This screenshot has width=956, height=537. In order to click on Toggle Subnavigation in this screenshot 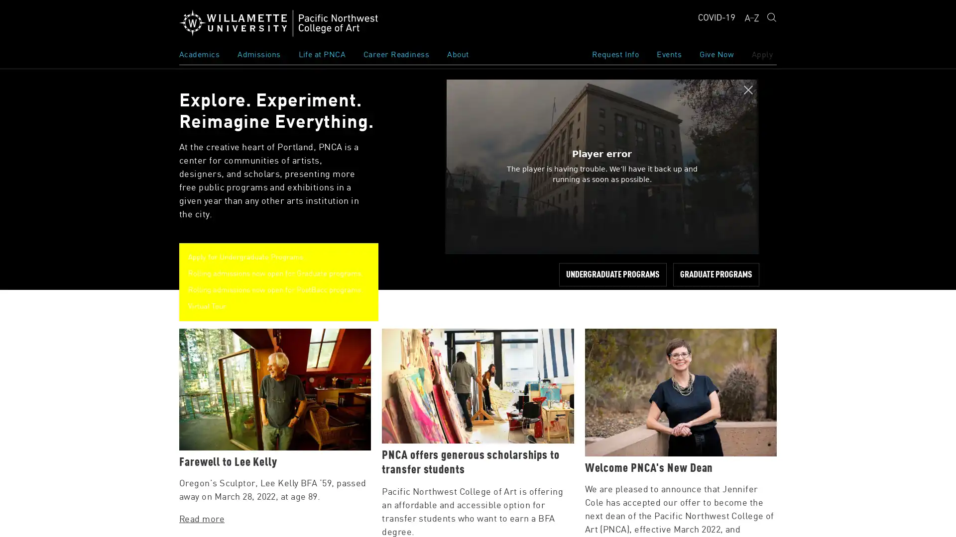, I will do `click(459, 56)`.